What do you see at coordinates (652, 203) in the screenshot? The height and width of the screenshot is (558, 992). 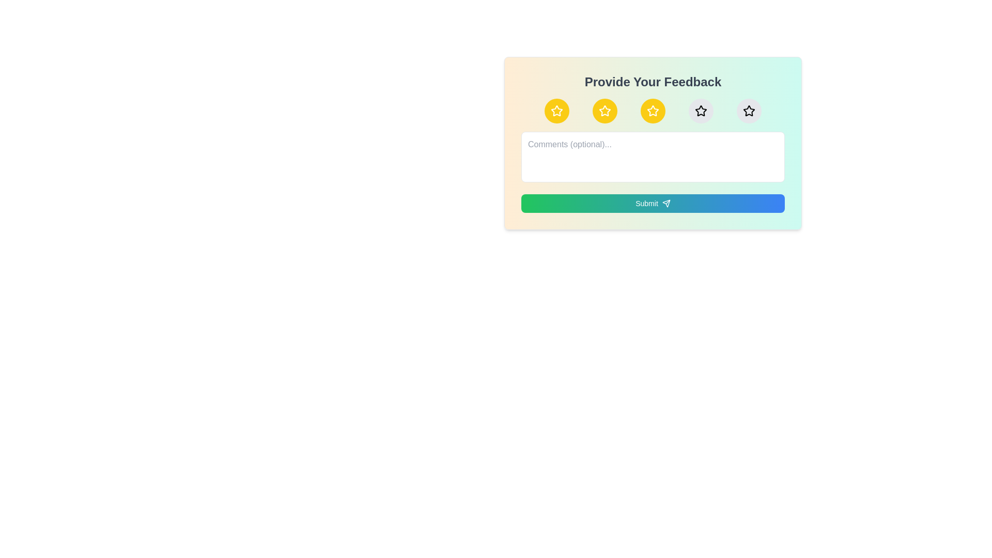 I see `the submit button to submit the feedback` at bounding box center [652, 203].